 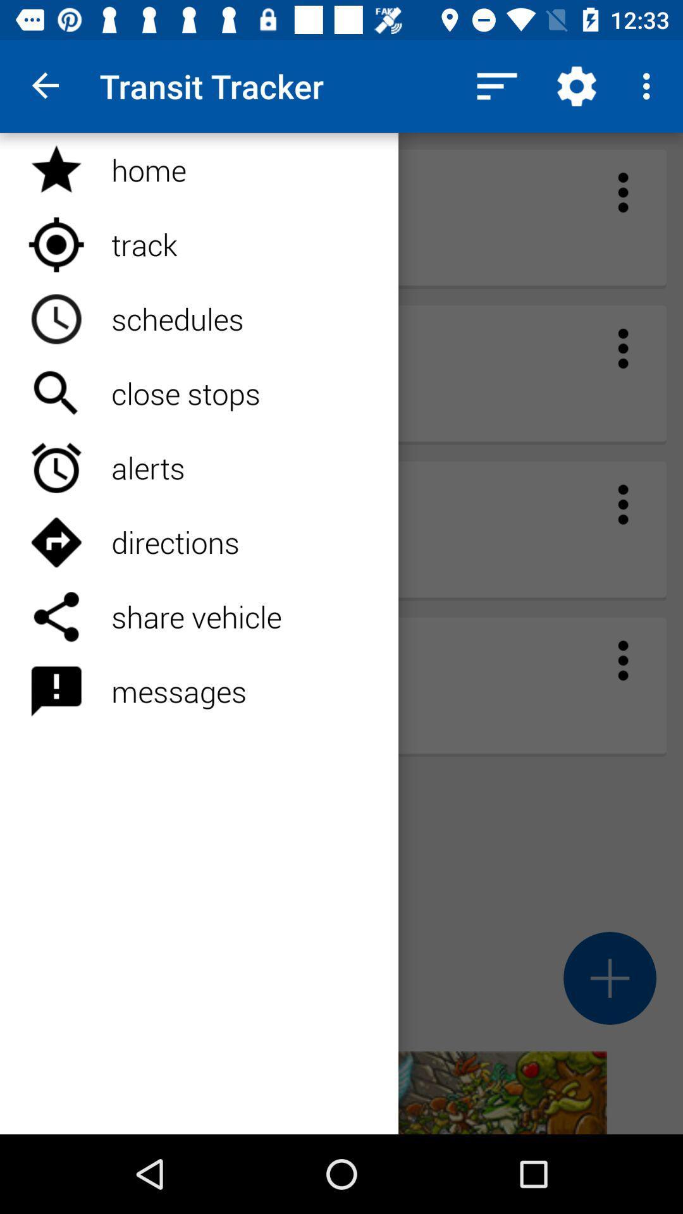 What do you see at coordinates (609, 978) in the screenshot?
I see `the add icon` at bounding box center [609, 978].